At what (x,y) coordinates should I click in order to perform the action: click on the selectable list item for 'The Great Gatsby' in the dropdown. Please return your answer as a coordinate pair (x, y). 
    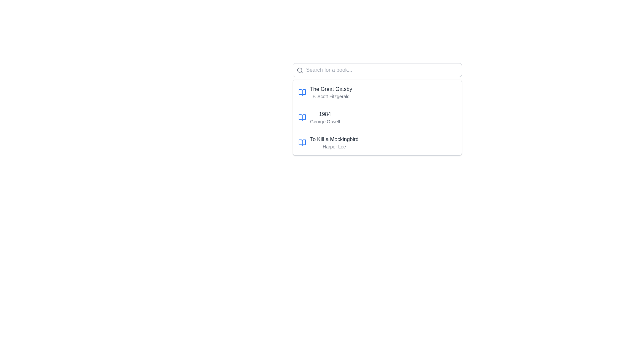
    Looking at the image, I should click on (377, 93).